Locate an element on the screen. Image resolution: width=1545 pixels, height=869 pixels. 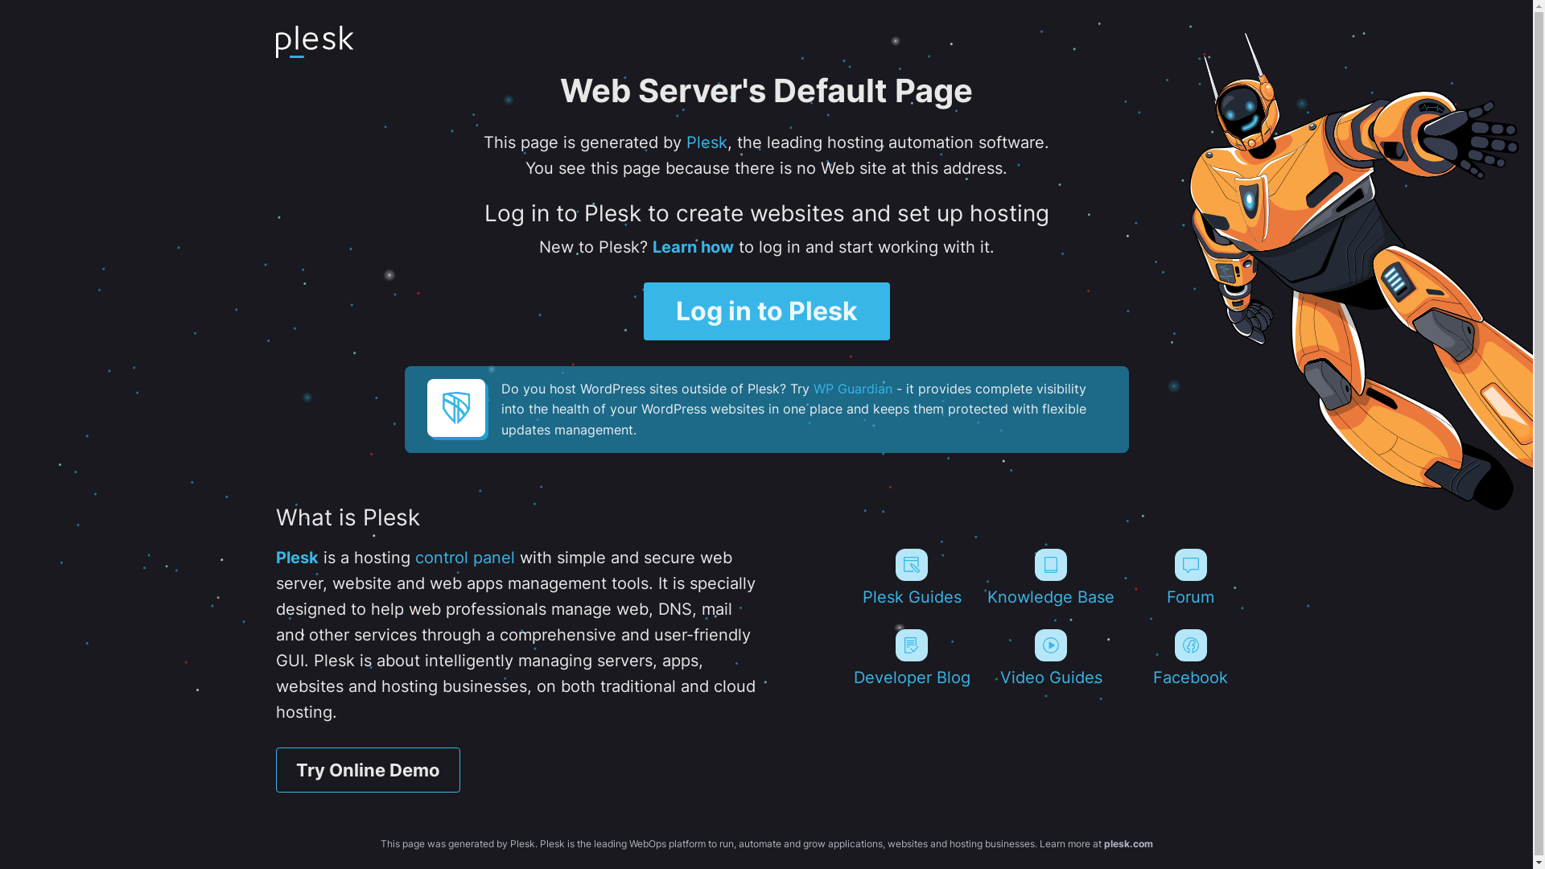
'Developer Blog' is located at coordinates (844, 657).